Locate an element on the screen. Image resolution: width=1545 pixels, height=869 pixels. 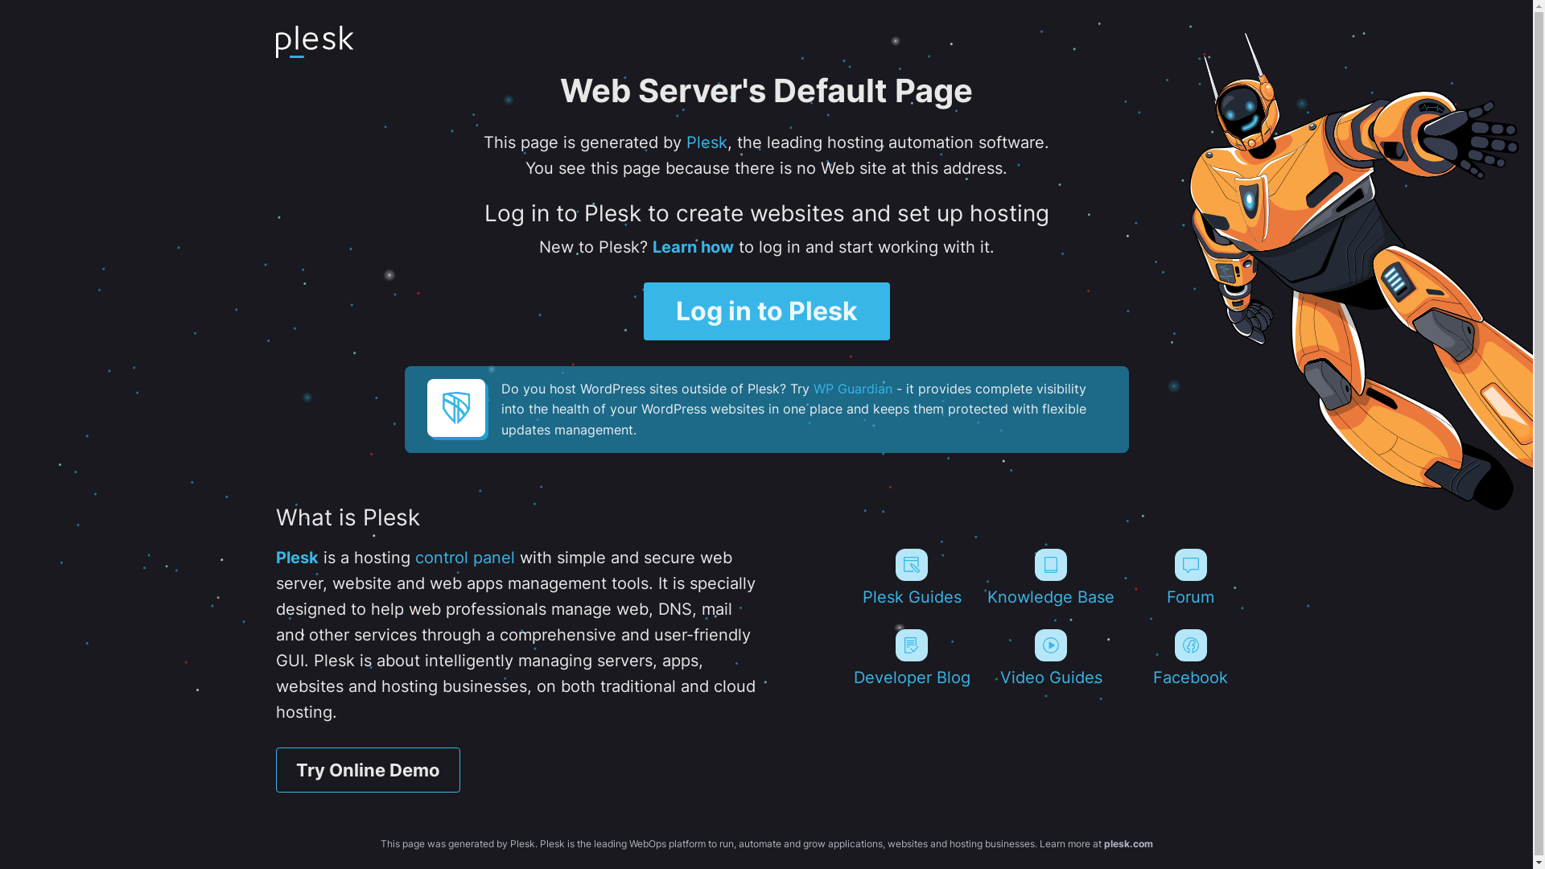
'Developer Blog' is located at coordinates (844, 657).